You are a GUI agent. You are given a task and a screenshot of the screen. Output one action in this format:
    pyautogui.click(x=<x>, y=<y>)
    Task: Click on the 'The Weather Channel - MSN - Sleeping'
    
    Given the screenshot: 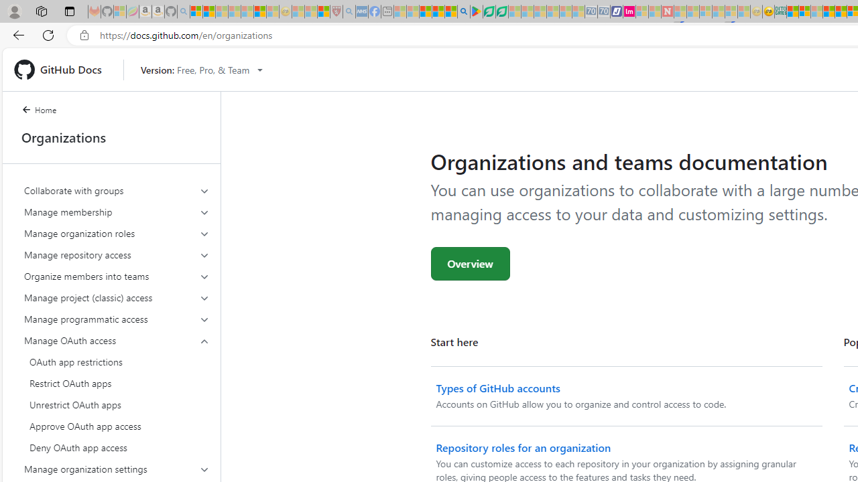 What is the action you would take?
    pyautogui.click(x=222, y=11)
    